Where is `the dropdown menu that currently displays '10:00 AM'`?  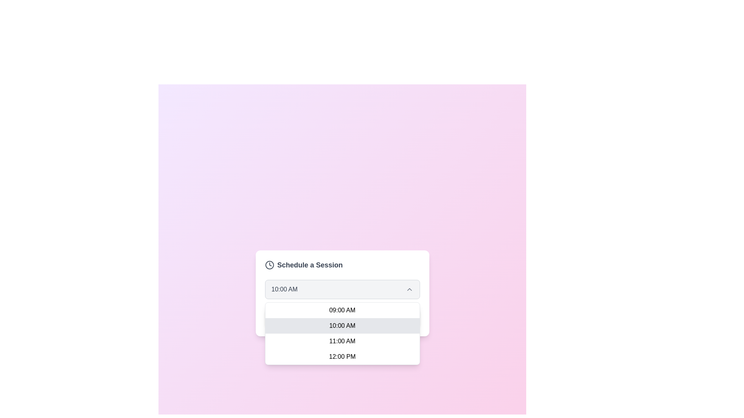 the dropdown menu that currently displays '10:00 AM' is located at coordinates (342, 290).